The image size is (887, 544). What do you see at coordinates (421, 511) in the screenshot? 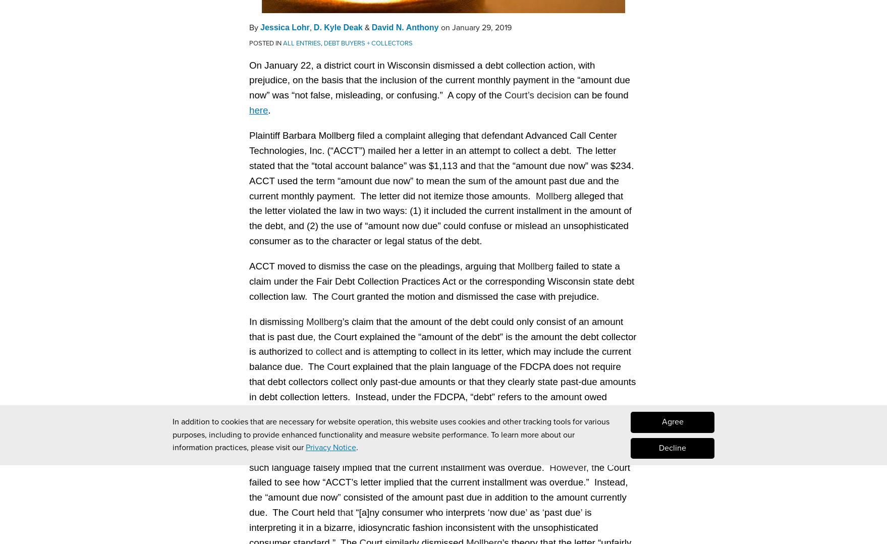
I see `'“[a]ny consumer who interprets'` at bounding box center [421, 511].